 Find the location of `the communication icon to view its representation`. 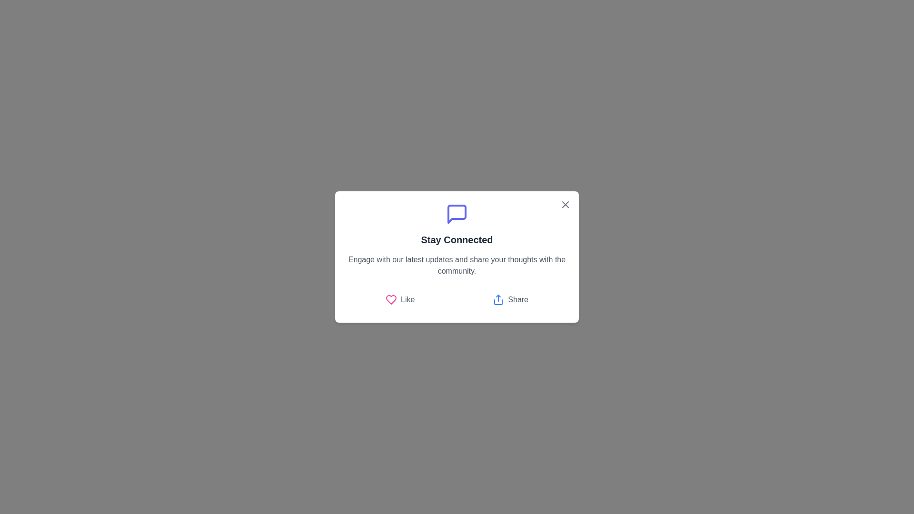

the communication icon to view its representation is located at coordinates (457, 214).